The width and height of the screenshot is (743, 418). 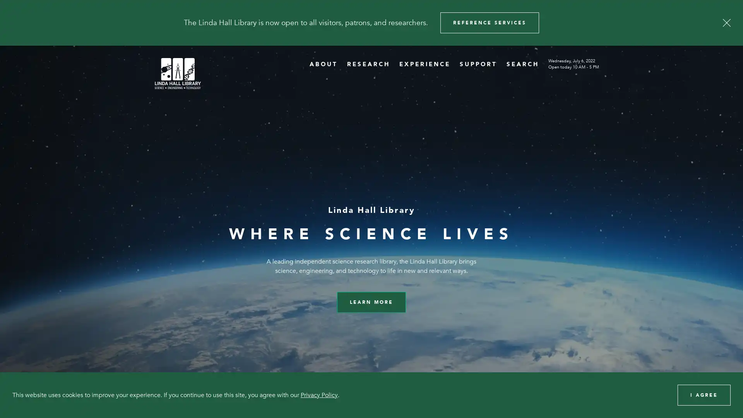 I want to click on ABOUT, so click(x=324, y=63).